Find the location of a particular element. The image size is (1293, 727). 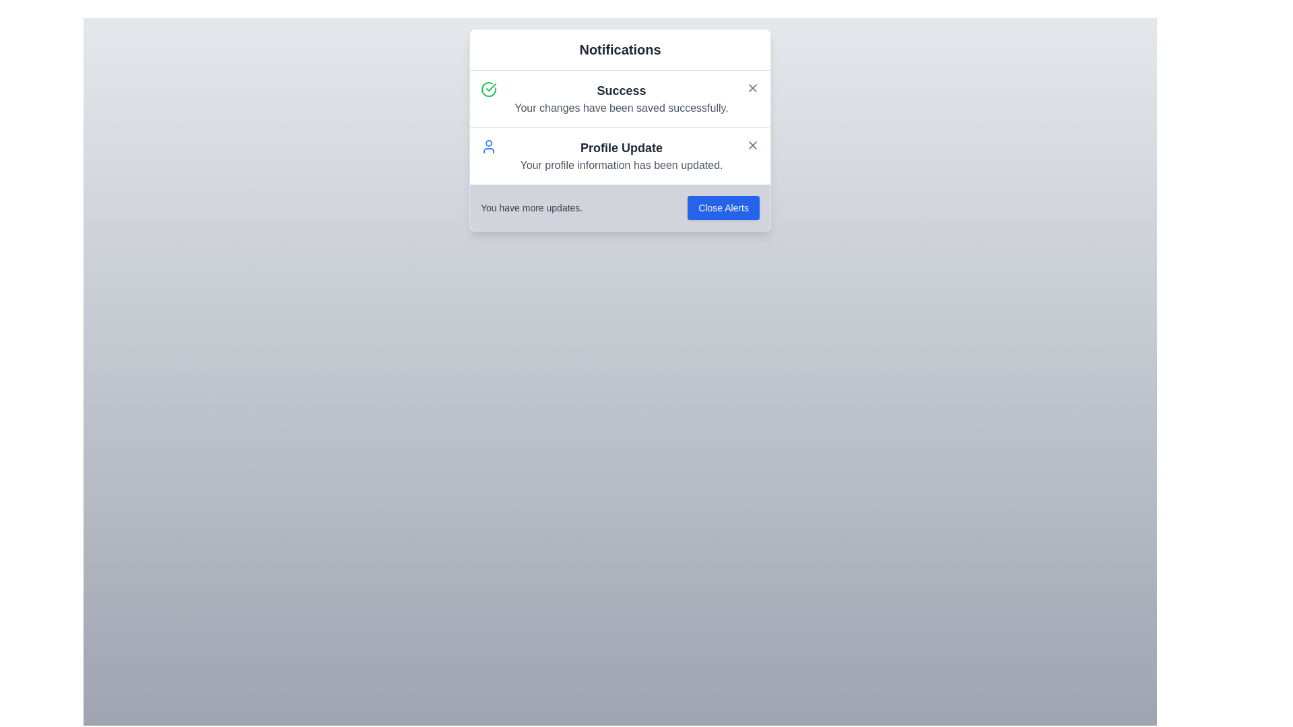

close button for the notification with title Success is located at coordinates (752, 88).